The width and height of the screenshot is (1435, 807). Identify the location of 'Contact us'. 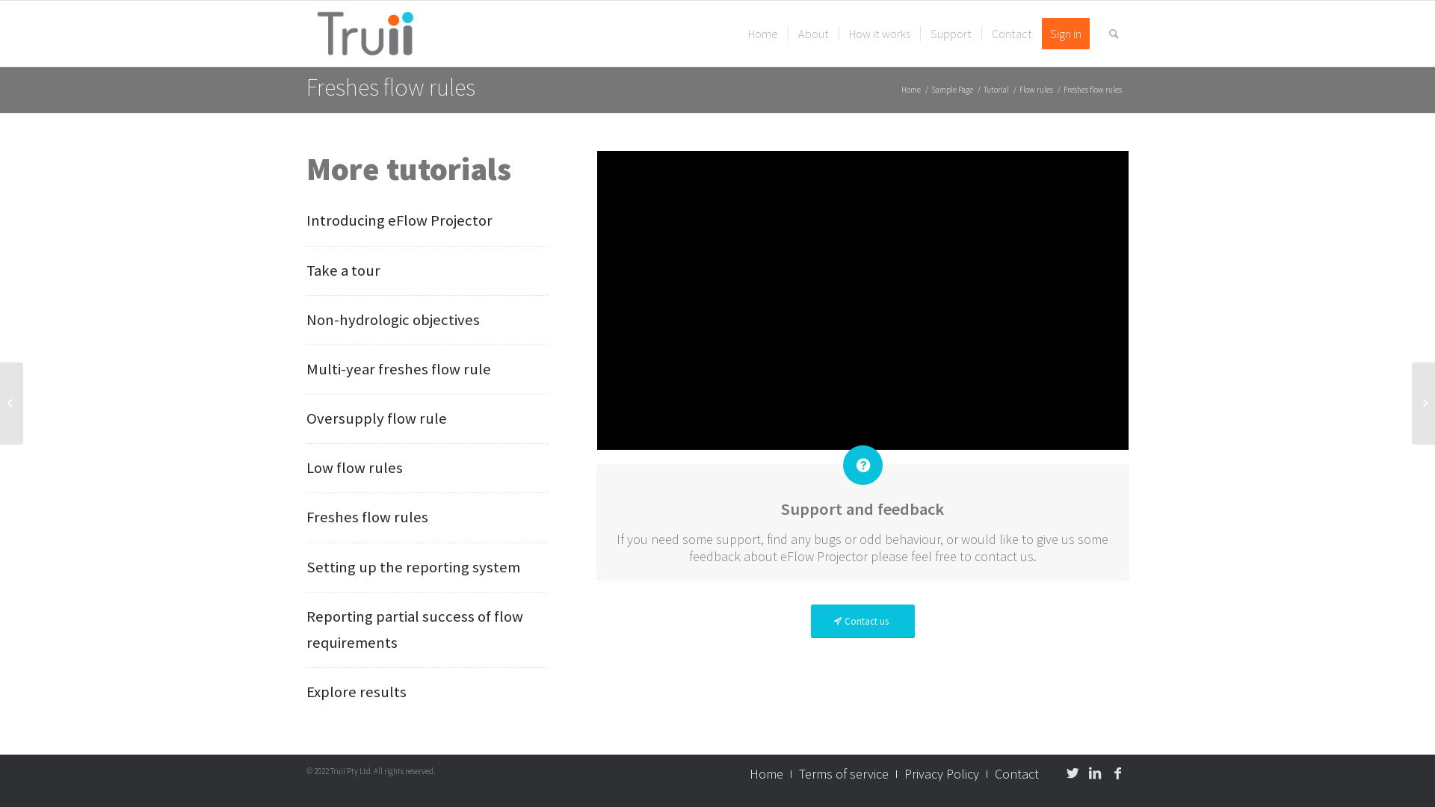
(862, 621).